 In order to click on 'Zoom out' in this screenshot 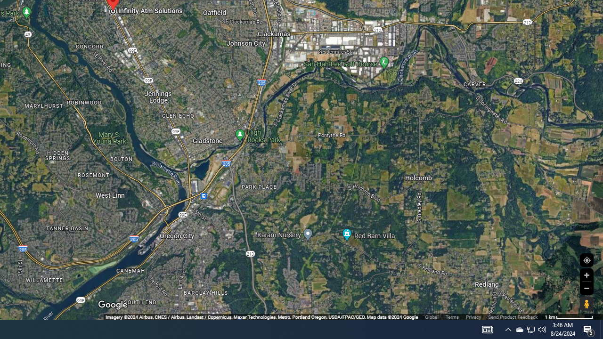, I will do `click(586, 288)`.